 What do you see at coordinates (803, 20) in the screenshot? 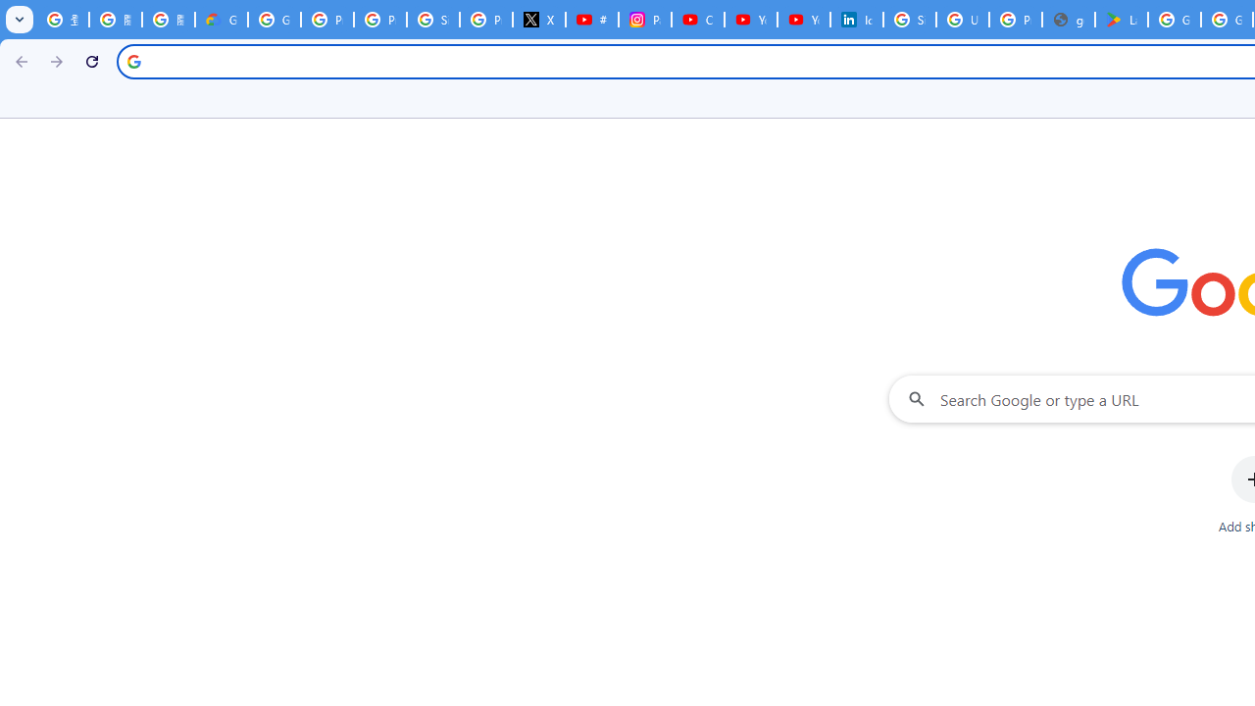
I see `'YouTube Culture & Trends - YouTube Top 10, 2021'` at bounding box center [803, 20].